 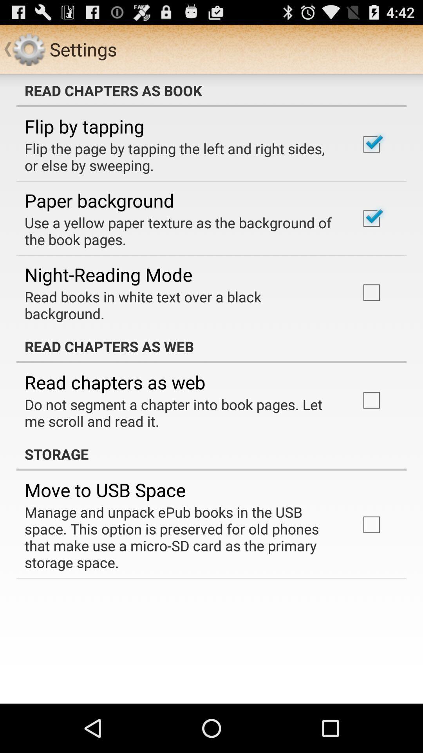 What do you see at coordinates (181, 537) in the screenshot?
I see `manage and unpack at the bottom` at bounding box center [181, 537].